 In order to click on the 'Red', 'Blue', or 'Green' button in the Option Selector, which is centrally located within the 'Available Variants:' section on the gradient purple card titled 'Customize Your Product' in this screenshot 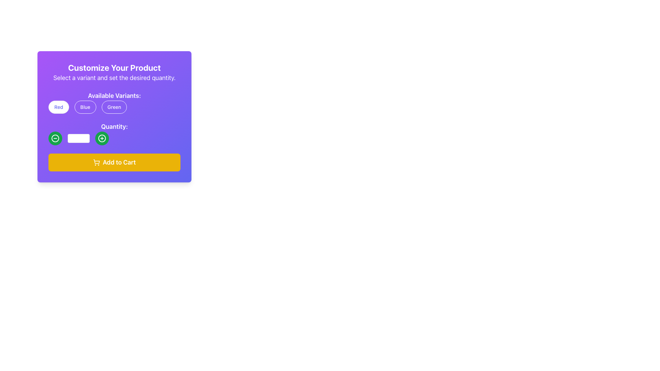, I will do `click(114, 102)`.